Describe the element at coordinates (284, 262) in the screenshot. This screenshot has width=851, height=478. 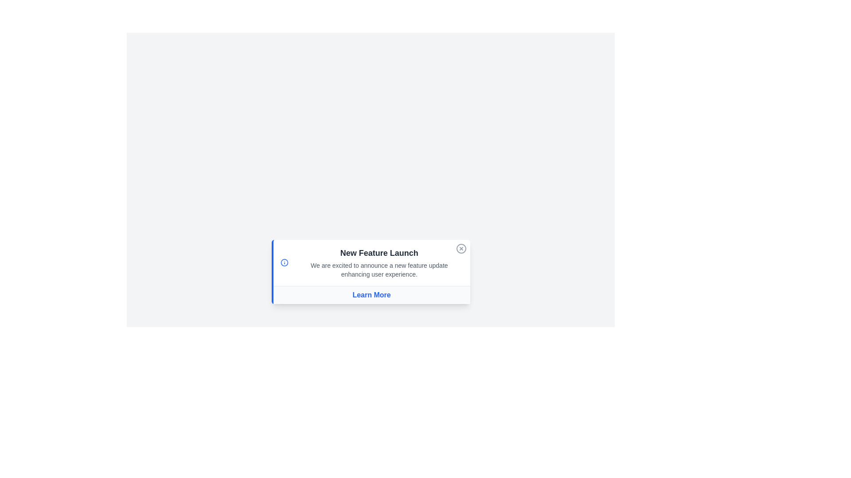
I see `the information icon to inspect its details` at that location.